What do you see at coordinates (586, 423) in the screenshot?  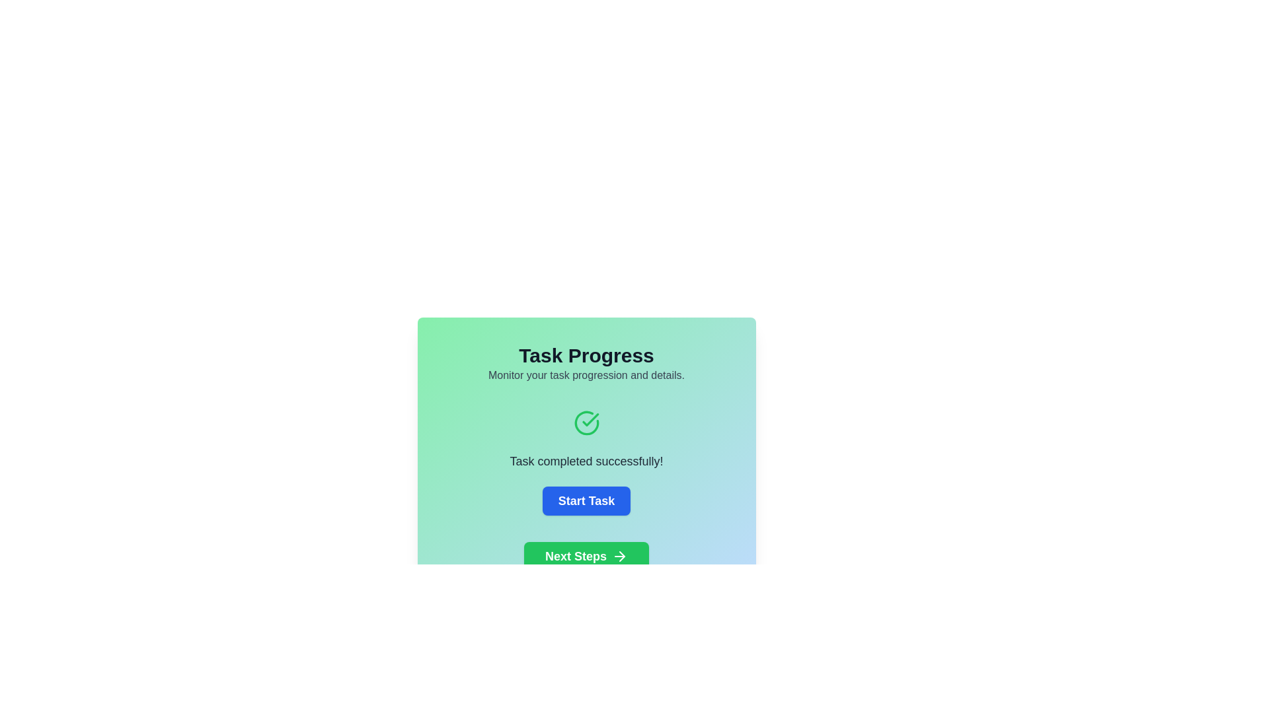 I see `the green circular icon with a checkmark in the center, located under the 'Task Progress' header in the card layout` at bounding box center [586, 423].